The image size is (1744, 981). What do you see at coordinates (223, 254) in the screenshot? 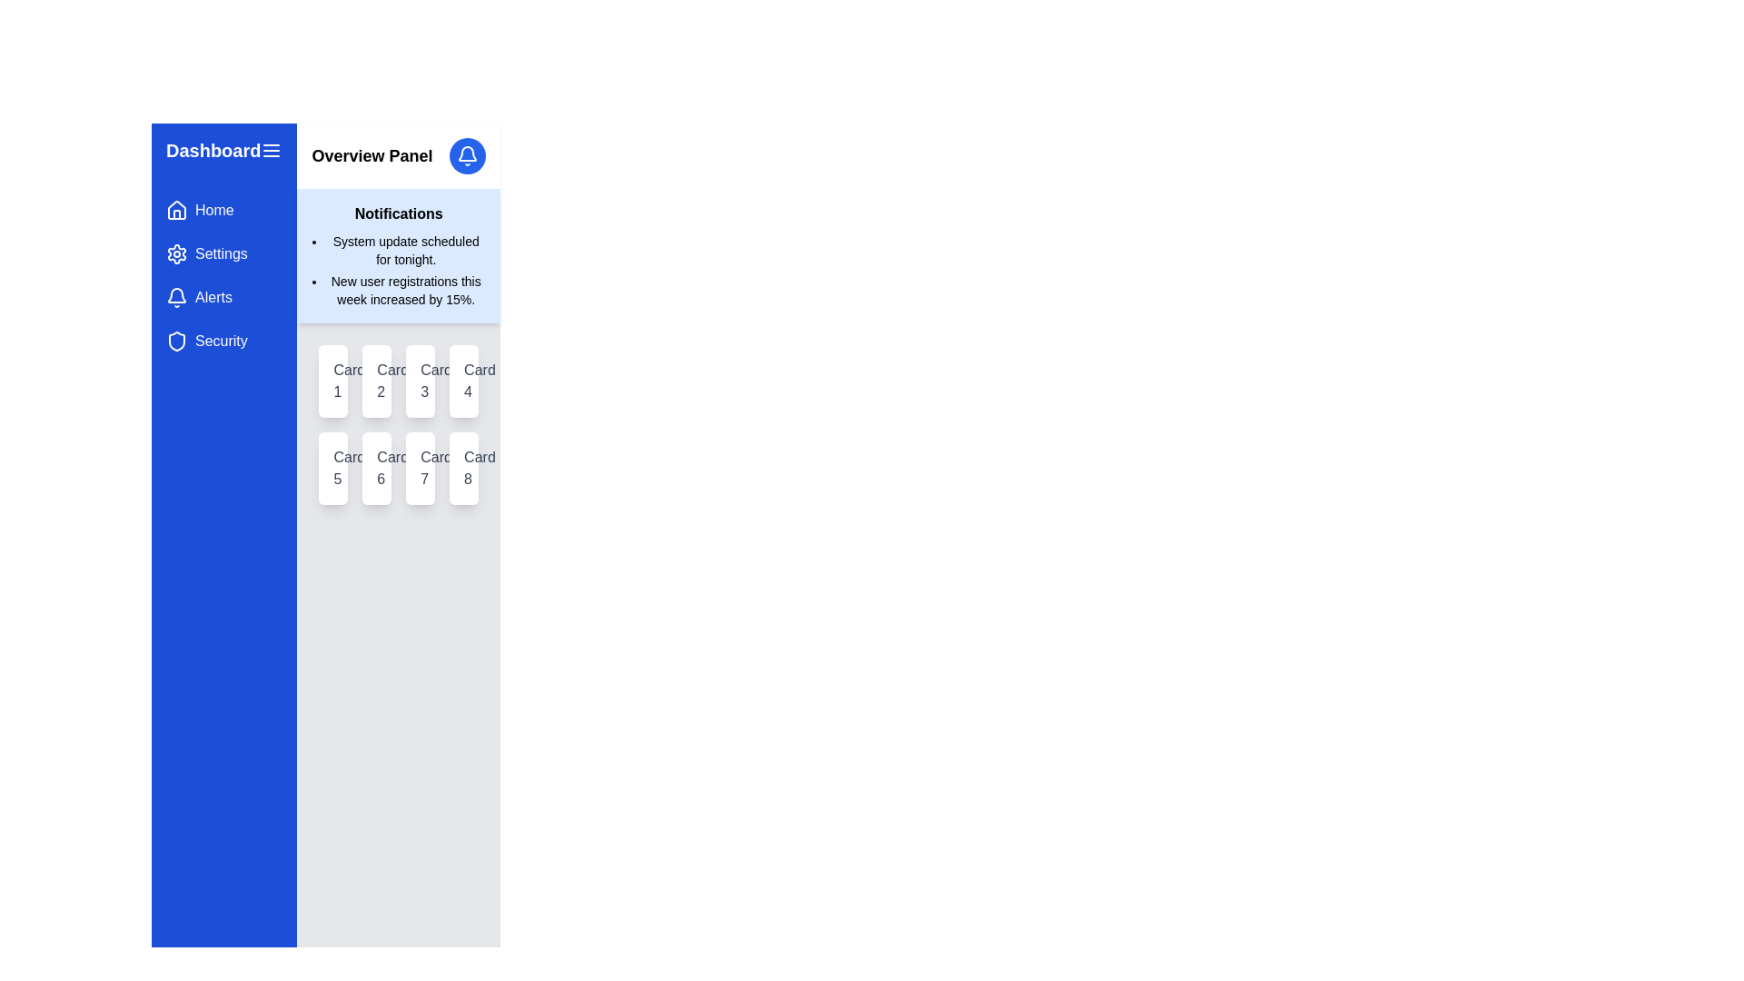
I see `the 'Settings' button with a cogwheel icon located in the sidebar, directly below the 'Home' navigation item` at bounding box center [223, 254].